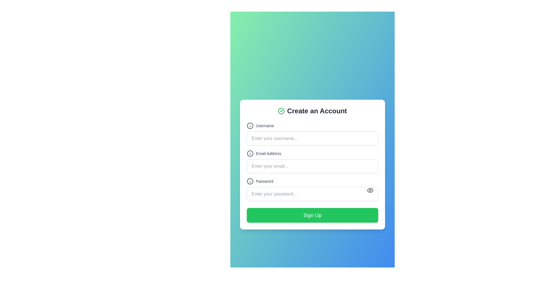 The image size is (544, 306). I want to click on the circular gray icon with a border and a dot inside, located to the left of the 'Email Address' label in the account creation form, so click(250, 154).